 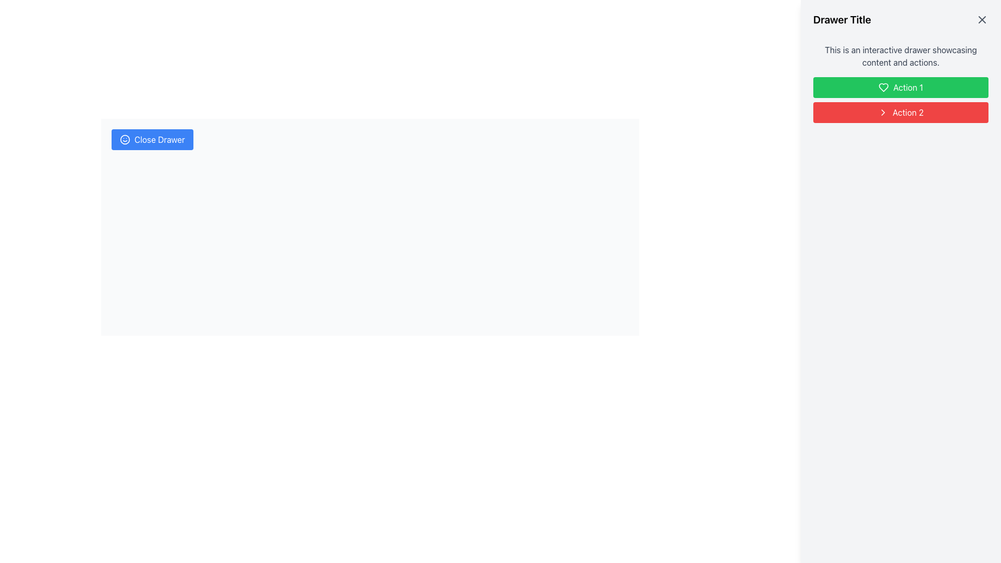 What do you see at coordinates (981, 20) in the screenshot?
I see `the small, interactive close button with a gray 'X' icon located at the top-right corner of the drawer header` at bounding box center [981, 20].